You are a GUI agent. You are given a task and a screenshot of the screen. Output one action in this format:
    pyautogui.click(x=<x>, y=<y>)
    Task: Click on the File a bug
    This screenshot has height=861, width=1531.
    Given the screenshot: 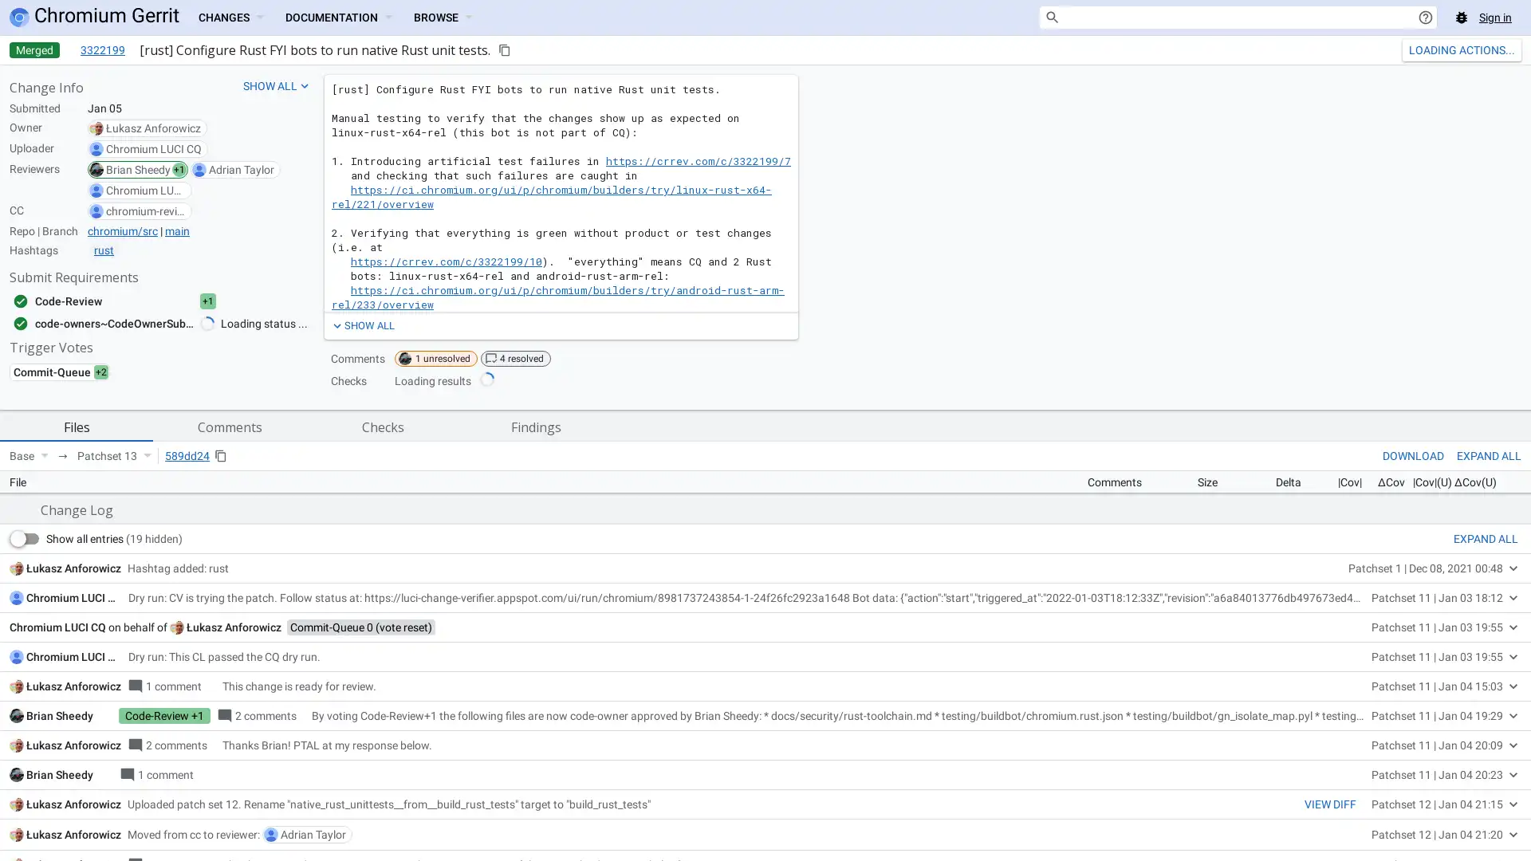 What is the action you would take?
    pyautogui.click(x=1462, y=18)
    